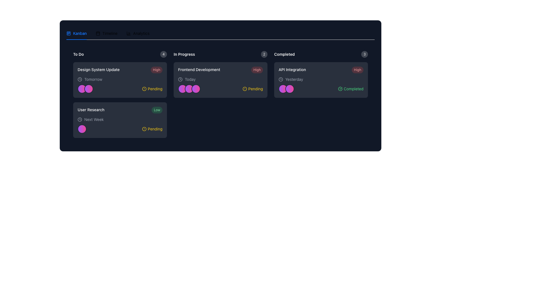 The height and width of the screenshot is (301, 536). Describe the element at coordinates (163, 54) in the screenshot. I see `the circular badge containing the number '4', which is positioned to the right of the 'To Do' header` at that location.